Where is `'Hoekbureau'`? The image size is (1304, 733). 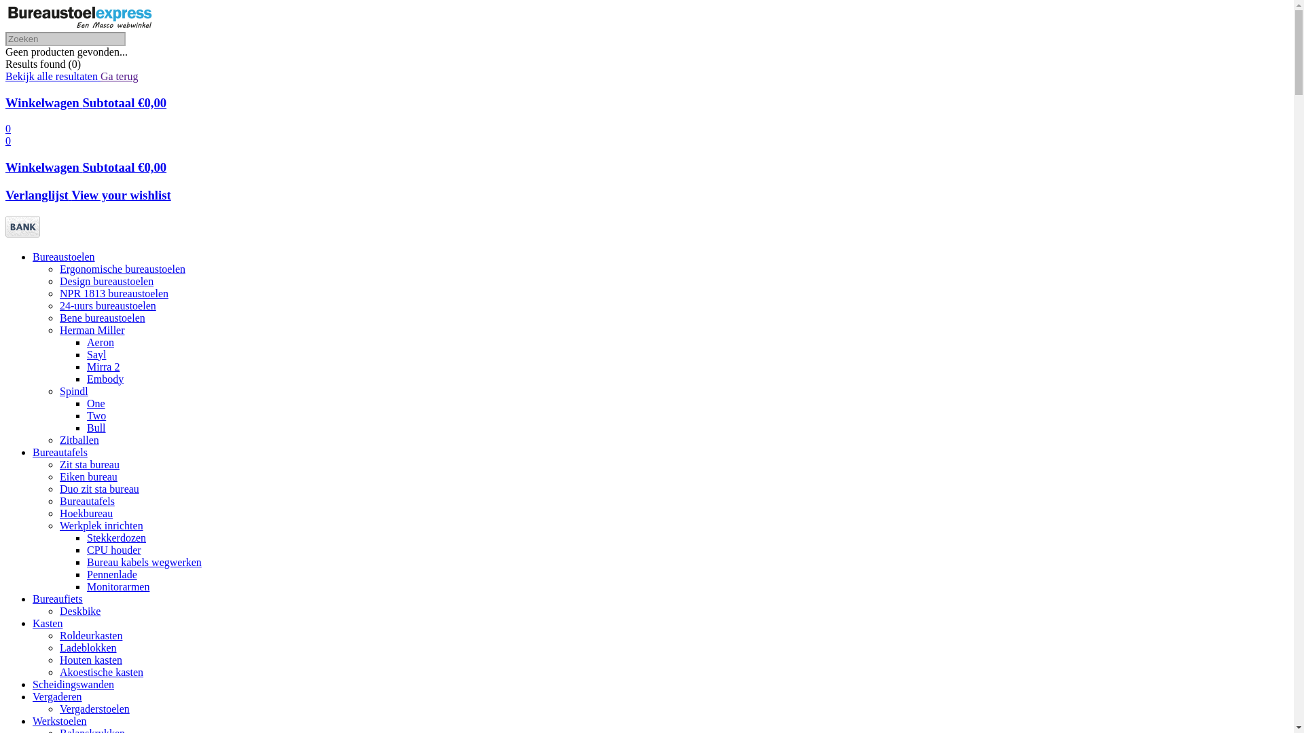
'Hoekbureau' is located at coordinates (85, 513).